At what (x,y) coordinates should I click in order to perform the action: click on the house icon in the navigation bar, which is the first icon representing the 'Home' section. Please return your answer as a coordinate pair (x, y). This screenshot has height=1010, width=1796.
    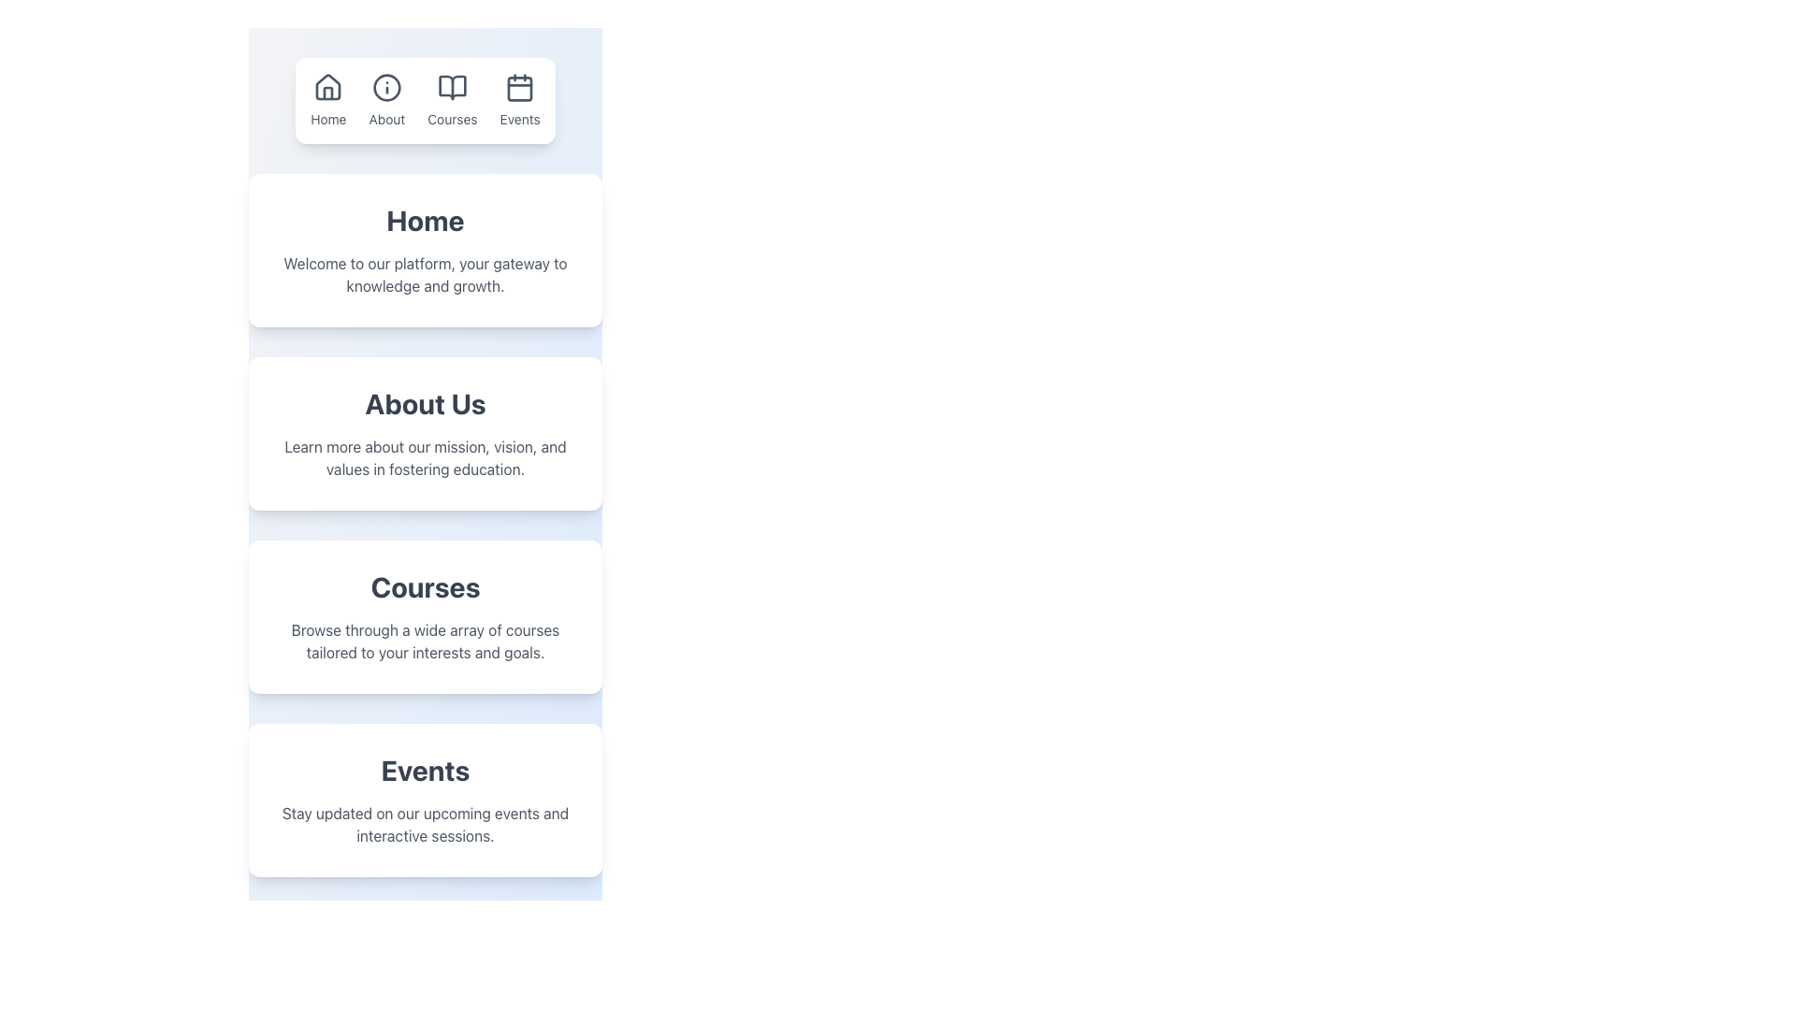
    Looking at the image, I should click on (328, 87).